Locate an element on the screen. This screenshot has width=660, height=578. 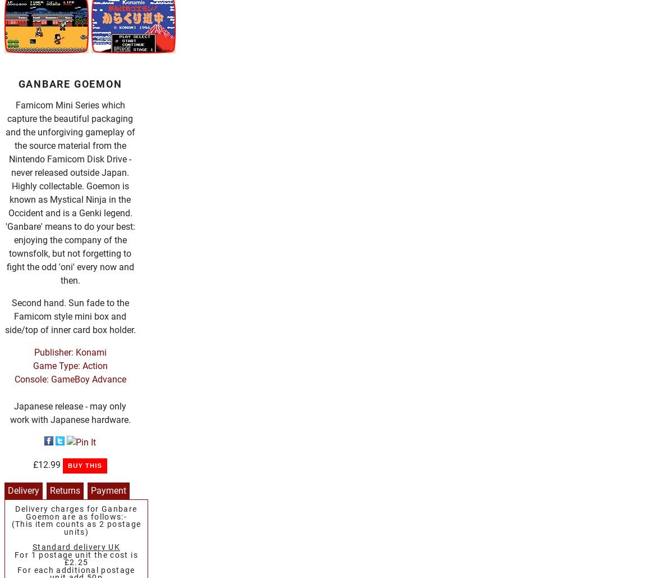
'Gameboy' is located at coordinates (79, 131).